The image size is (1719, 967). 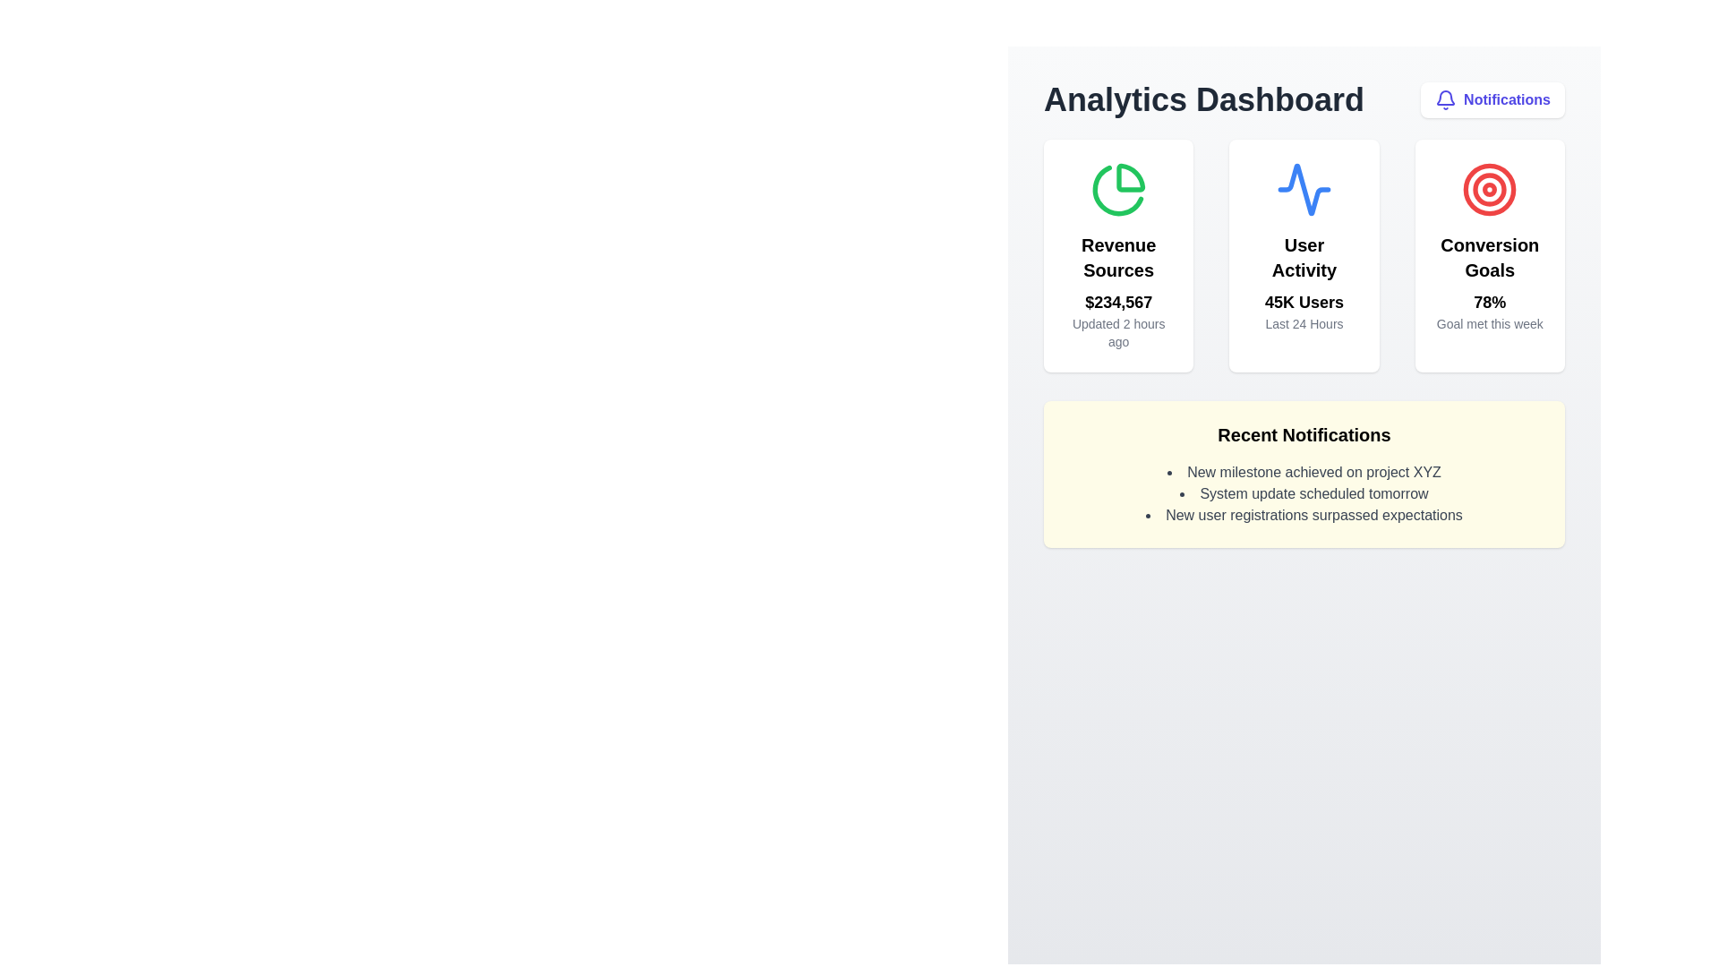 I want to click on the text notification 'New user registrations surpassed expectations' located under the 'Recent Notifications' header, so click(x=1304, y=515).